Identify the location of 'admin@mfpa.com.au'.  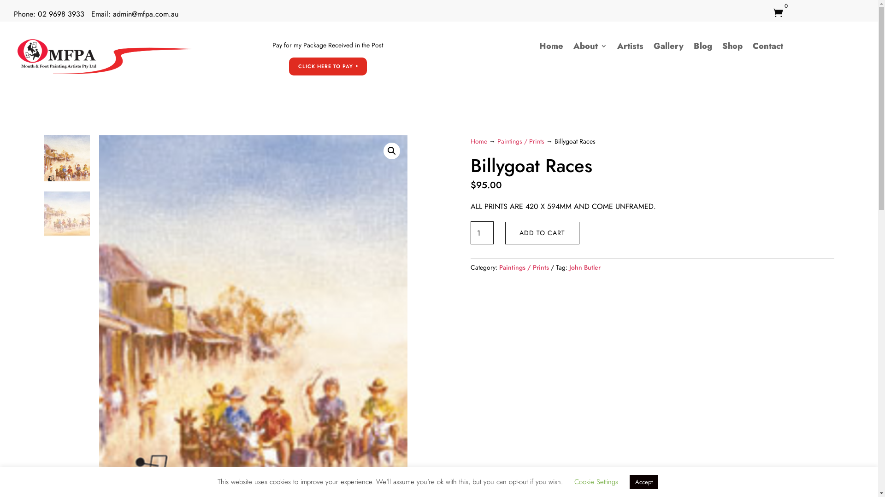
(145, 14).